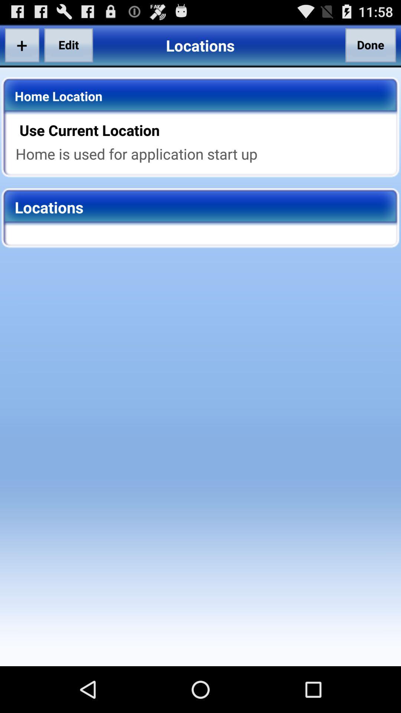 Image resolution: width=401 pixels, height=713 pixels. What do you see at coordinates (371, 45) in the screenshot?
I see `the app next to locations` at bounding box center [371, 45].